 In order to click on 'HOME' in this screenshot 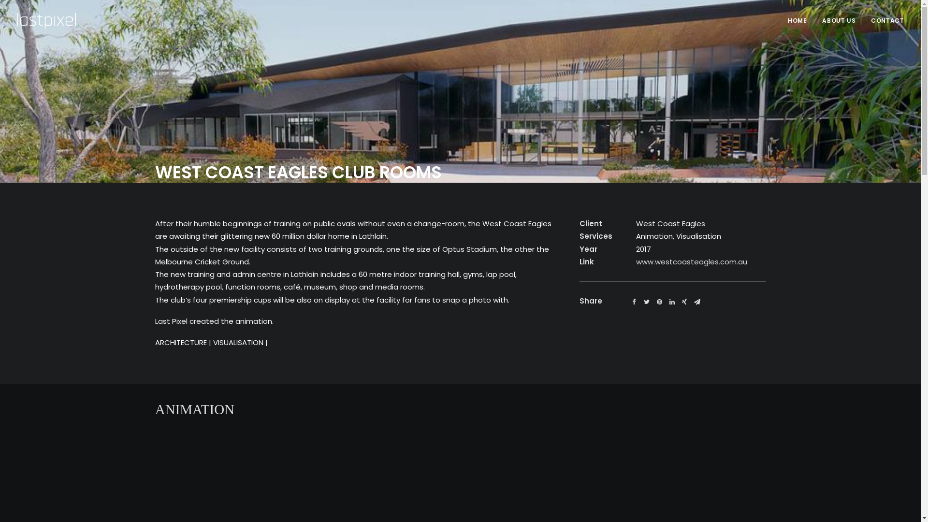, I will do `click(788, 20)`.